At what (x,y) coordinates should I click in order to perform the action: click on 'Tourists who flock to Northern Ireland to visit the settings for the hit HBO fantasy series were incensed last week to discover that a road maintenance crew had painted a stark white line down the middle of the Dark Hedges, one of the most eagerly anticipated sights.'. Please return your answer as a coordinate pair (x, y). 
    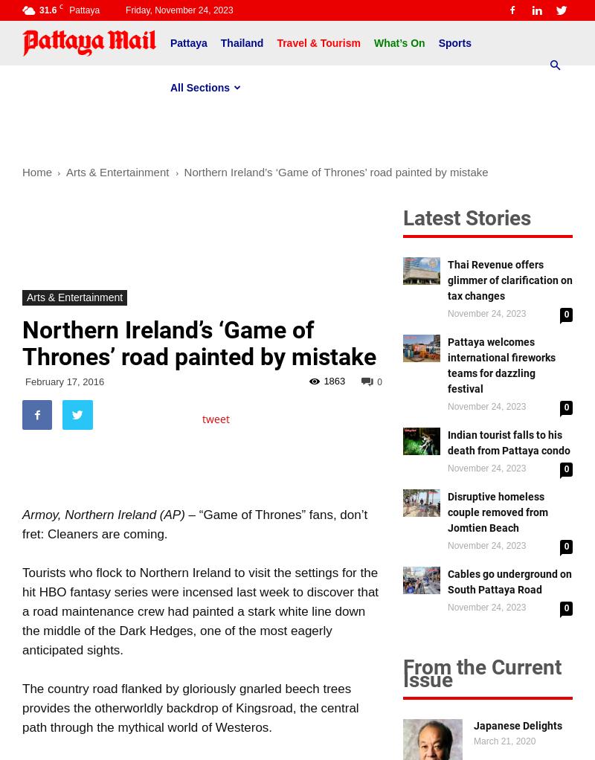
    Looking at the image, I should click on (200, 611).